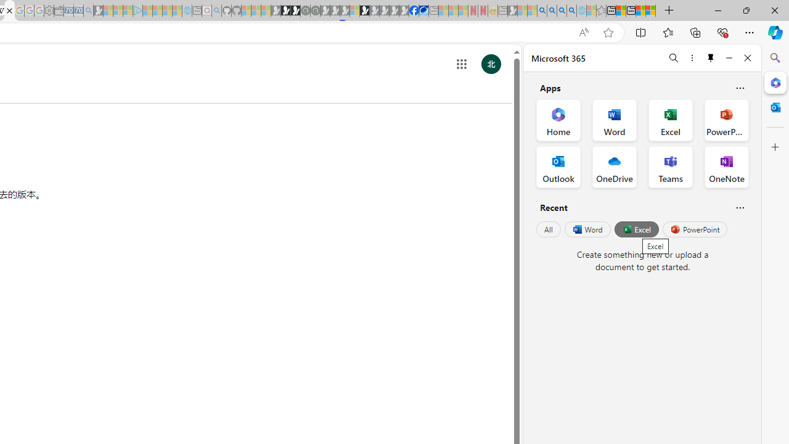 The image size is (789, 444). I want to click on 'PowerPoint Office App', so click(726, 120).